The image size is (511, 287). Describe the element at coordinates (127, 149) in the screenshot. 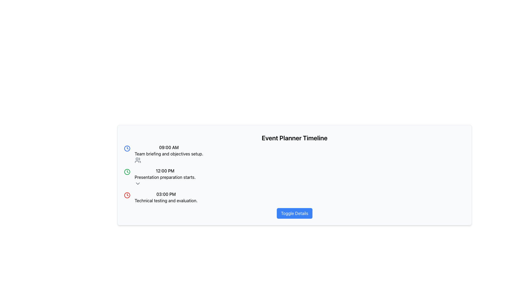

I see `the outer circular component of the clock icon located to the left of the '12:00 PM Presentation preparation starts' text in the timeline section` at that location.